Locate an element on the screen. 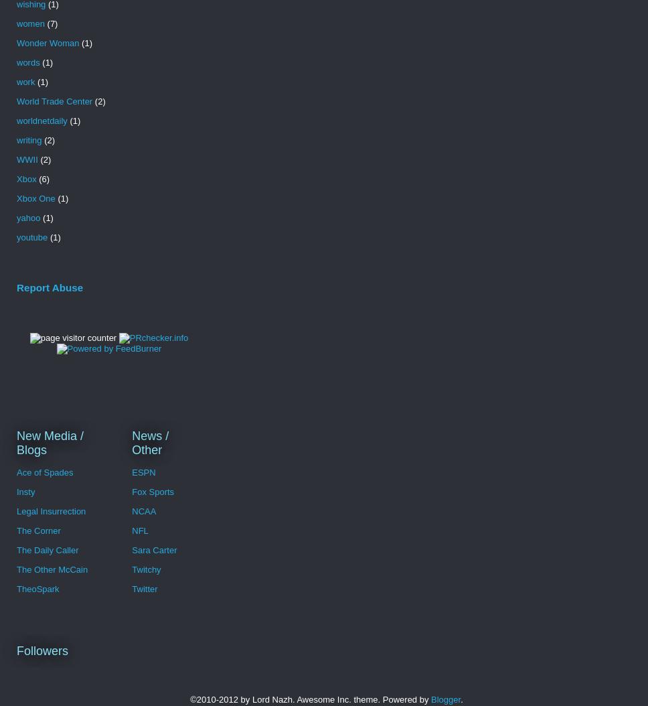  'NCAA' is located at coordinates (143, 511).